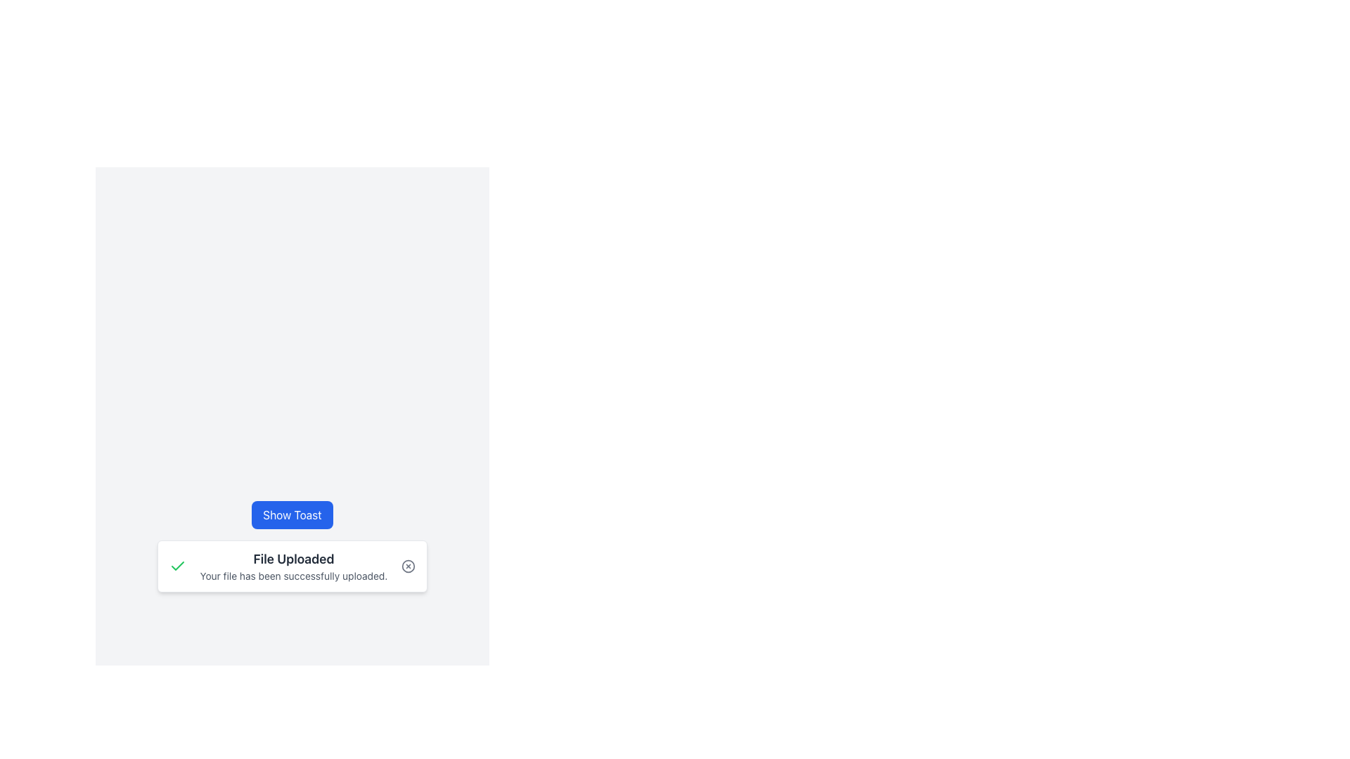 Image resolution: width=1350 pixels, height=759 pixels. Describe the element at coordinates (177, 565) in the screenshot. I see `the green checkmark icon indicating successful action for the notification 'File Uploaded'` at that location.